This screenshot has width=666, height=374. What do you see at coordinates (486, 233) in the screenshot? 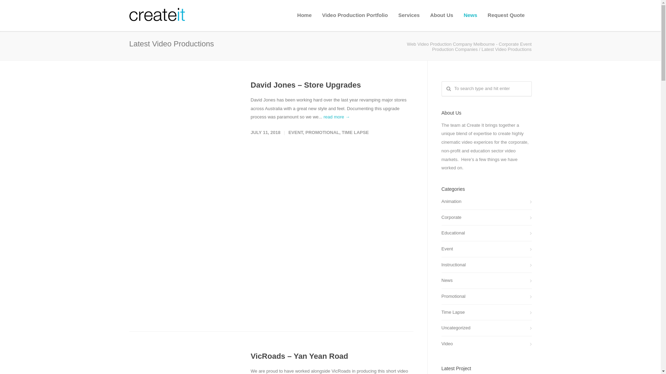
I see `'Educational'` at bounding box center [486, 233].